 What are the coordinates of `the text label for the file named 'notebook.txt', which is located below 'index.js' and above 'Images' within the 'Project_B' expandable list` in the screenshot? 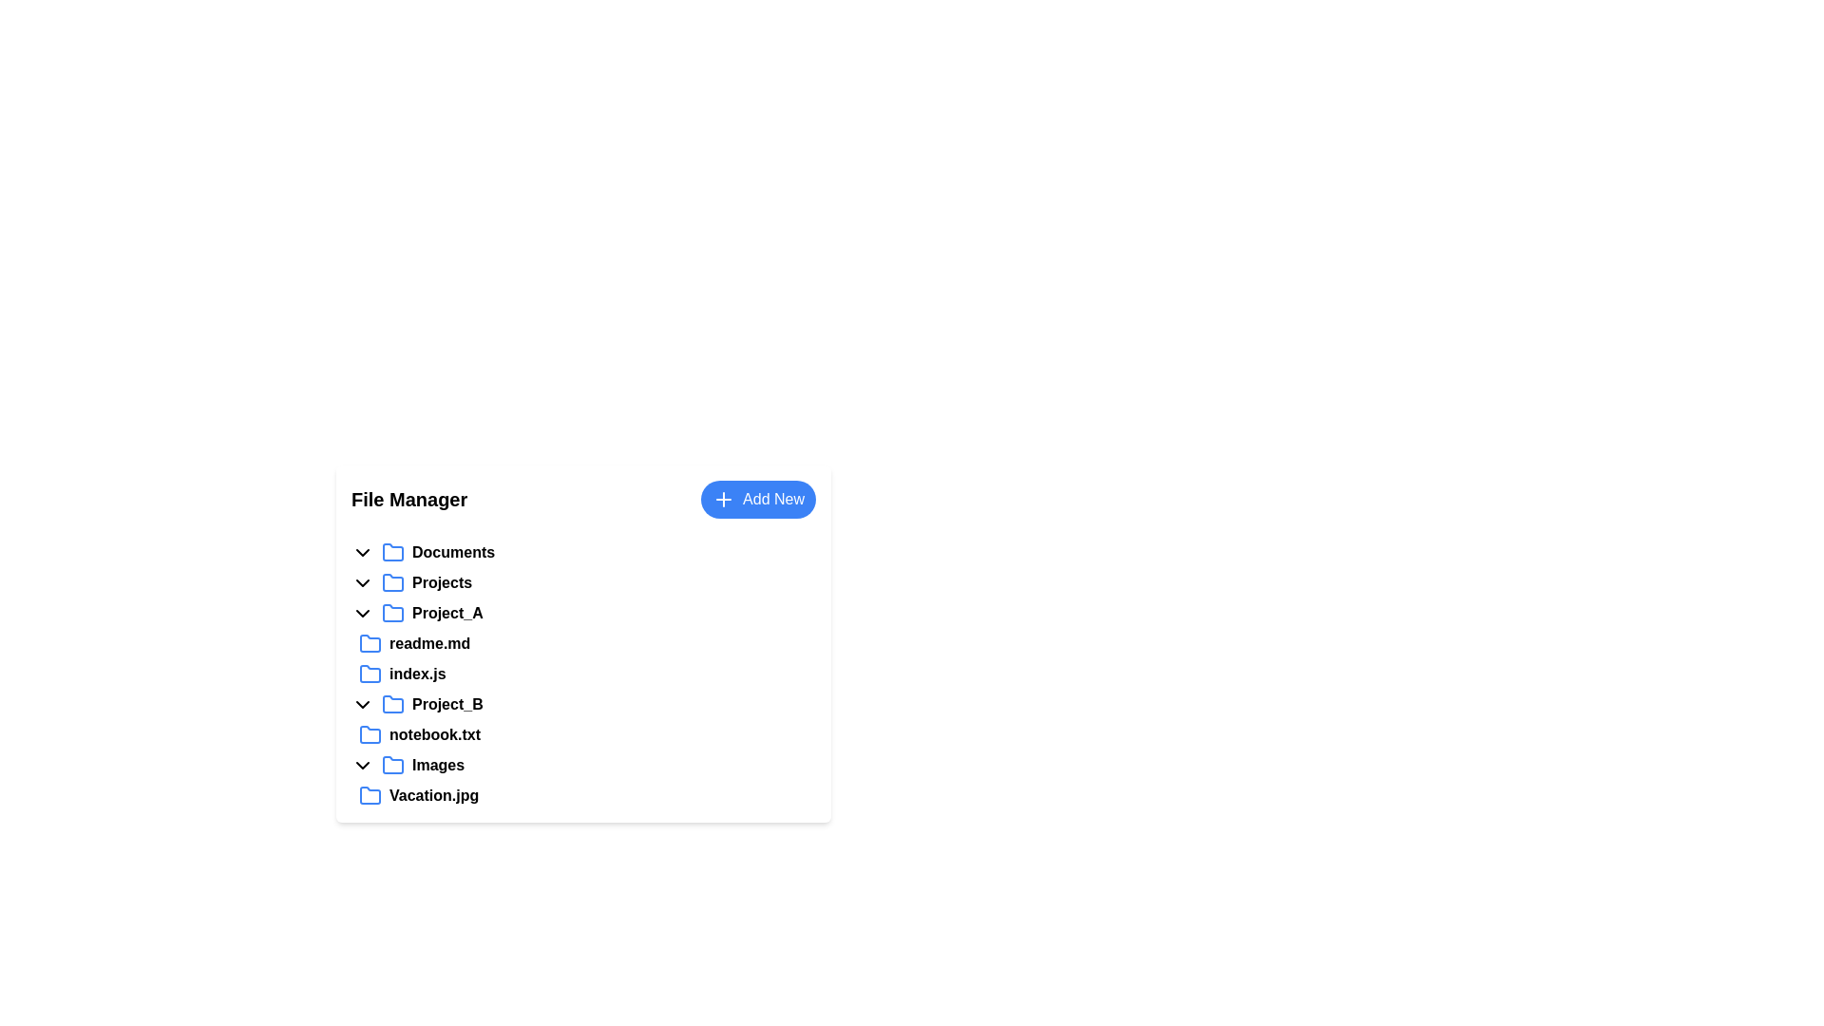 It's located at (433, 734).